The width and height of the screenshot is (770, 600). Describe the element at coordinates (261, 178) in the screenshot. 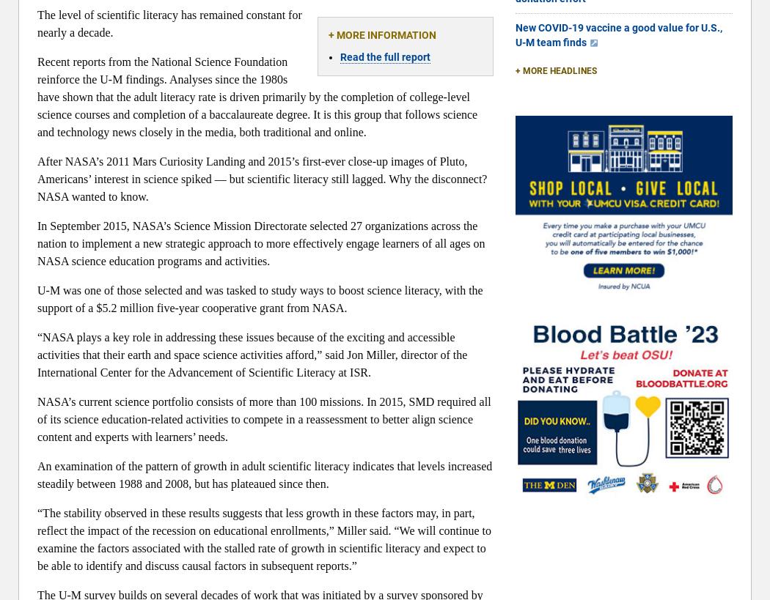

I see `'After NASA’s 2011 Mars Curiosity Landing and 2015’s first-ever close-up images of Pluto, Americans’ interest in science spiked — but scientific literacy still lagged. Why the disconnect? NASA wanted to know.'` at that location.